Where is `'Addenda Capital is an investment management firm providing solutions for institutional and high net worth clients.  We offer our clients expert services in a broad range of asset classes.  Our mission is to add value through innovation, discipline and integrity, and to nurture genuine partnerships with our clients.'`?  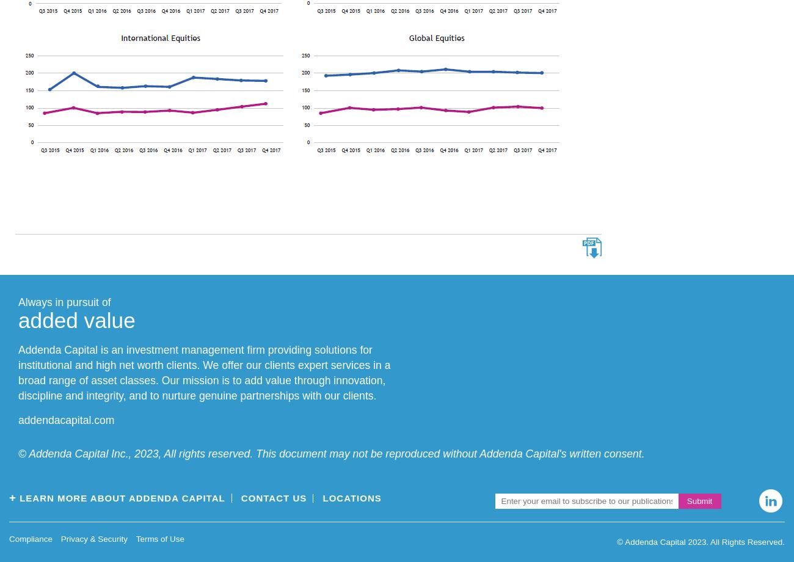
'Addenda Capital is an investment management firm providing solutions for institutional and high net worth clients.  We offer our clients expert services in a broad range of asset classes.  Our mission is to add value through innovation, discipline and integrity, and to nurture genuine partnerships with our clients.' is located at coordinates (203, 372).